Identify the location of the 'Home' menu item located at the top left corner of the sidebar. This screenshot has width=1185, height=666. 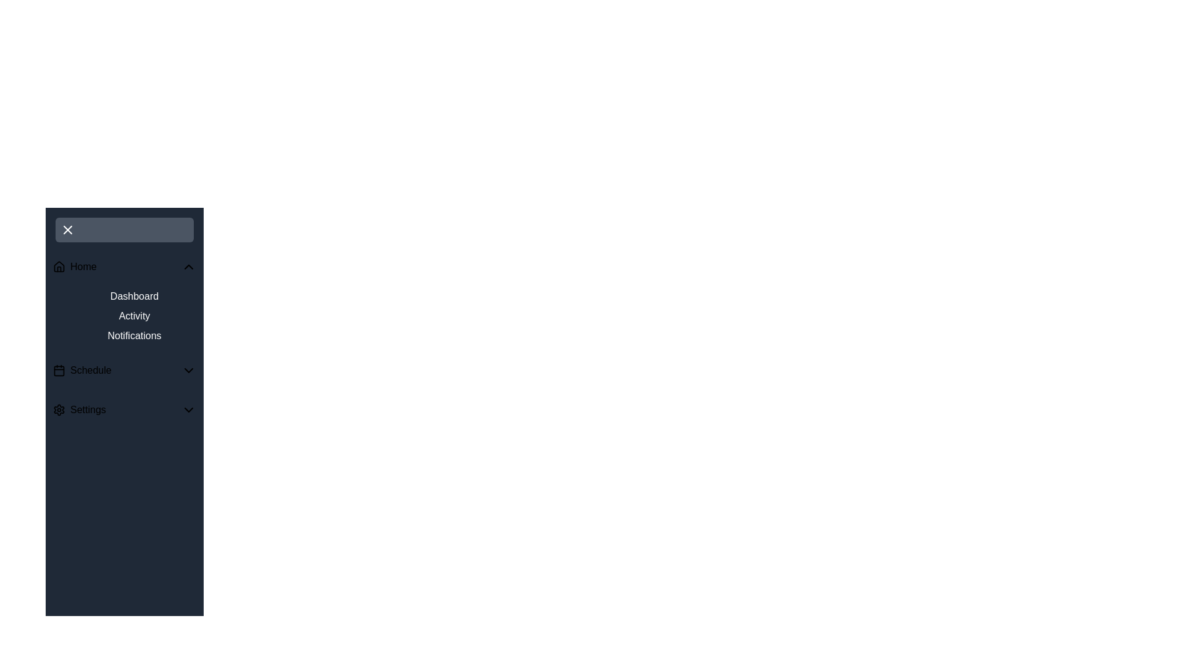
(124, 266).